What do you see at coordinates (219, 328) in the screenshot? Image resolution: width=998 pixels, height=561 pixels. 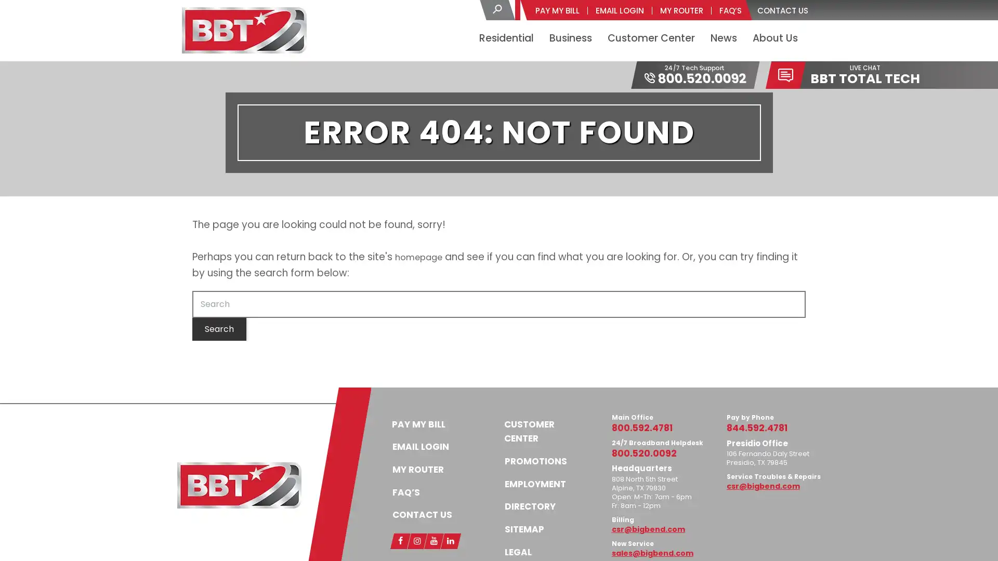 I see `Search` at bounding box center [219, 328].